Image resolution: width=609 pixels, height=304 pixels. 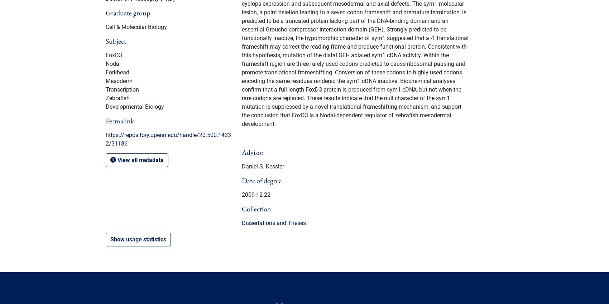 I want to click on 'Nodal', so click(x=113, y=63).